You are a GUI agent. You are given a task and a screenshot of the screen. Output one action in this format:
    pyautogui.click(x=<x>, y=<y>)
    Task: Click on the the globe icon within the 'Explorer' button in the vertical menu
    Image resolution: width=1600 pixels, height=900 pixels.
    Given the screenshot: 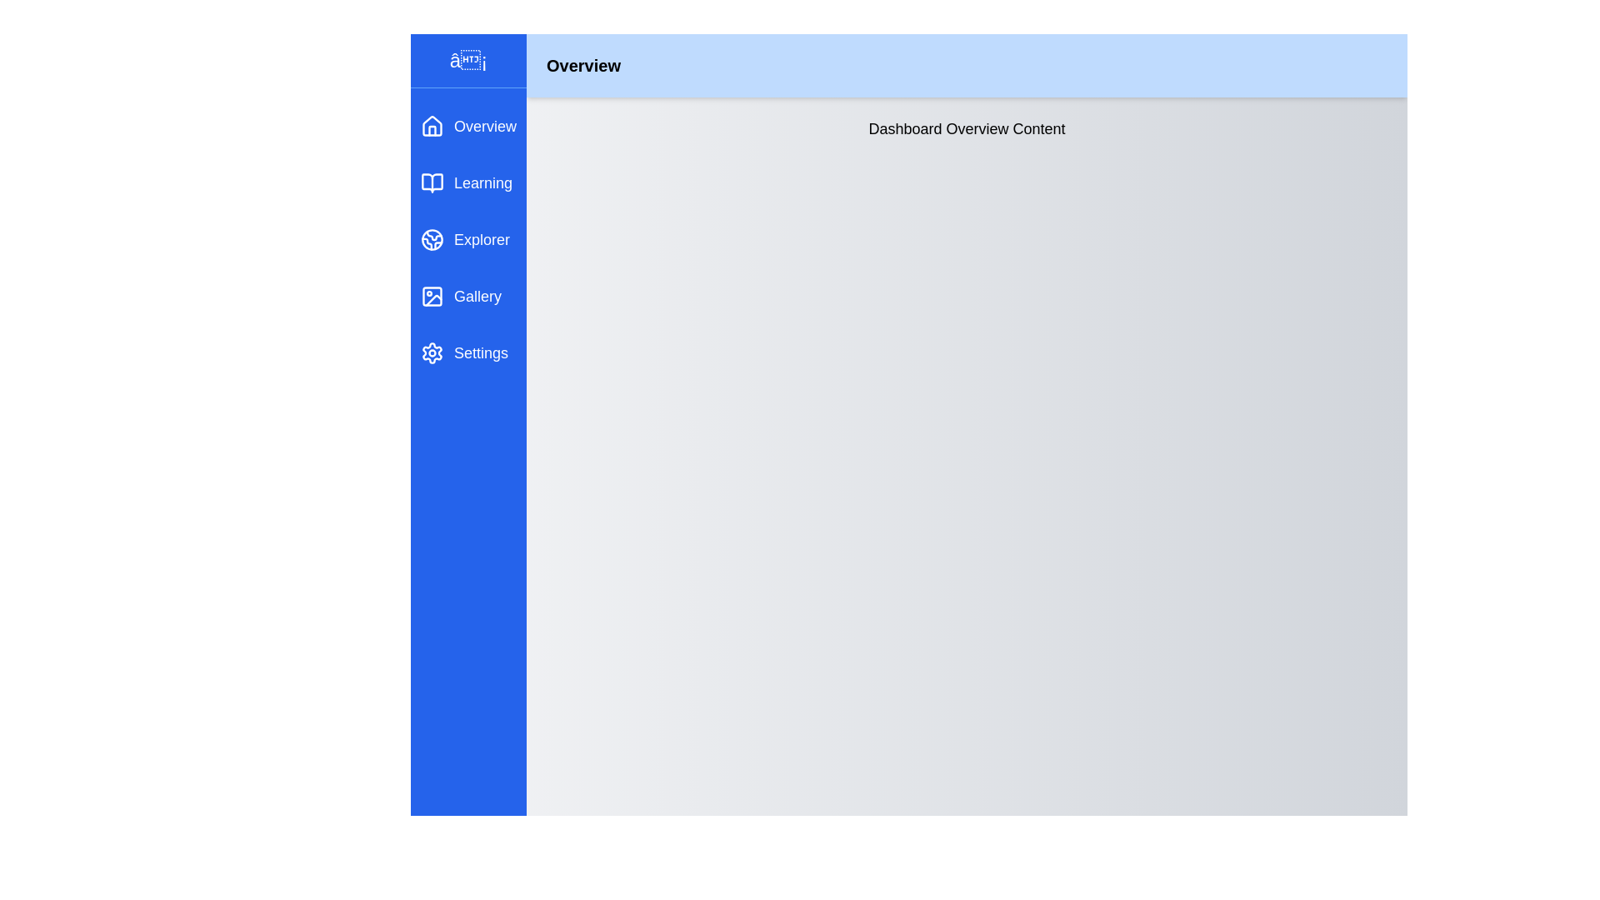 What is the action you would take?
    pyautogui.click(x=432, y=240)
    